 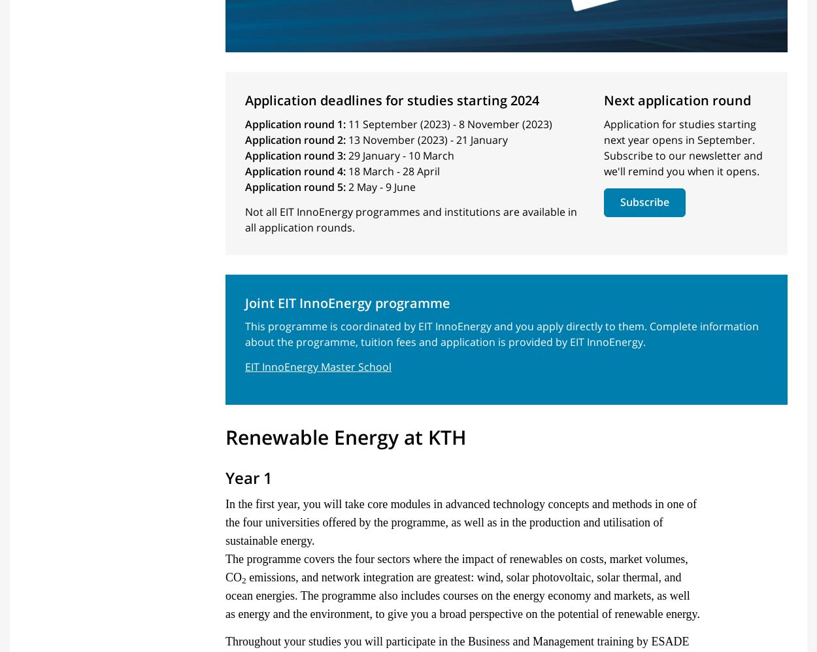 What do you see at coordinates (312, 230) in the screenshot?
I see `': Study at KTH'` at bounding box center [312, 230].